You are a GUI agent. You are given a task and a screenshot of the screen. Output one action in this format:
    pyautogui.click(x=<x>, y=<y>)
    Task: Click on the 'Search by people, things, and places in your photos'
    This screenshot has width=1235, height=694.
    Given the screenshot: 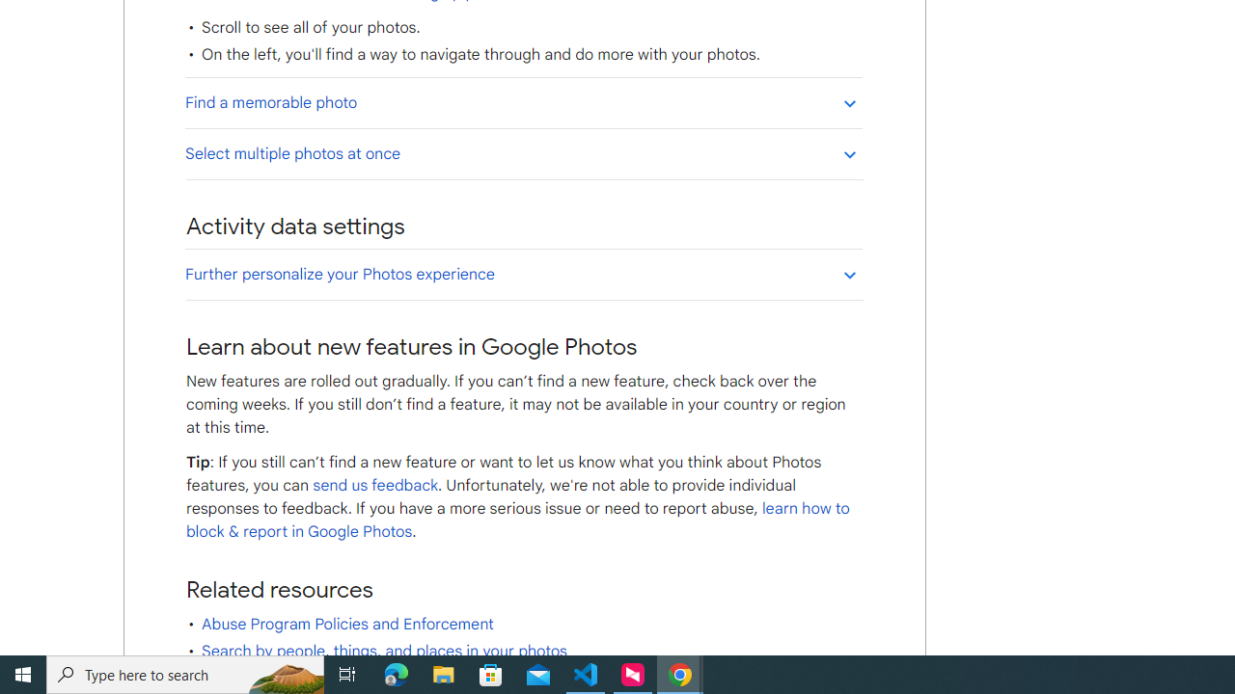 What is the action you would take?
    pyautogui.click(x=384, y=651)
    